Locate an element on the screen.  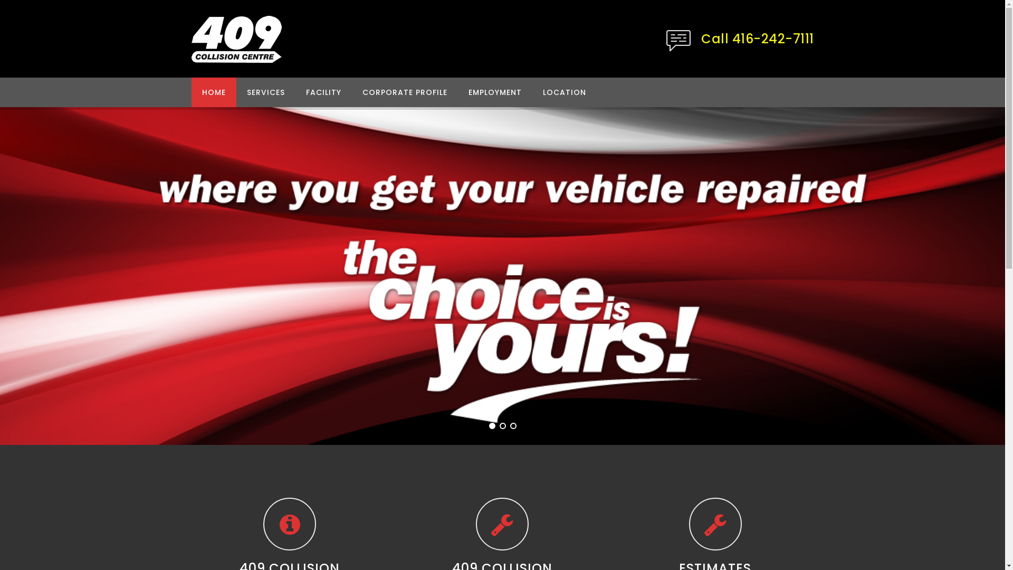
'EMPLOYMENT' is located at coordinates (494, 91).